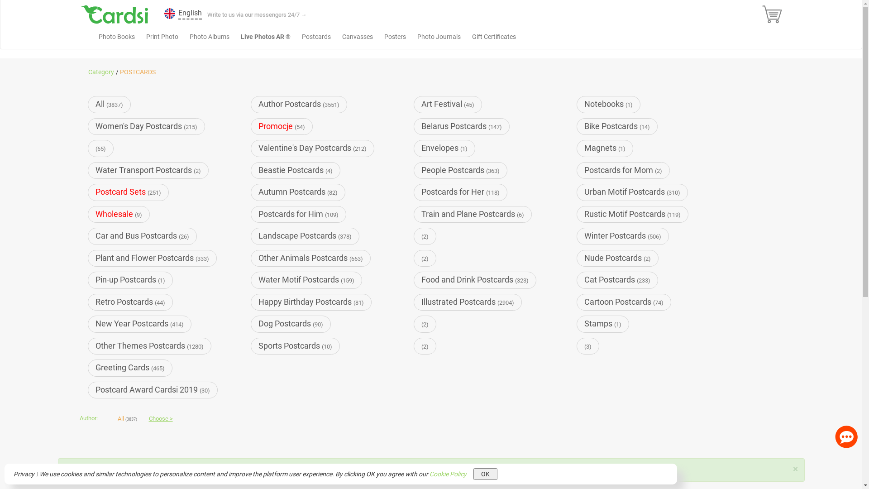 This screenshot has height=489, width=869. What do you see at coordinates (632, 214) in the screenshot?
I see `'Rustic Motif Postcards (119)'` at bounding box center [632, 214].